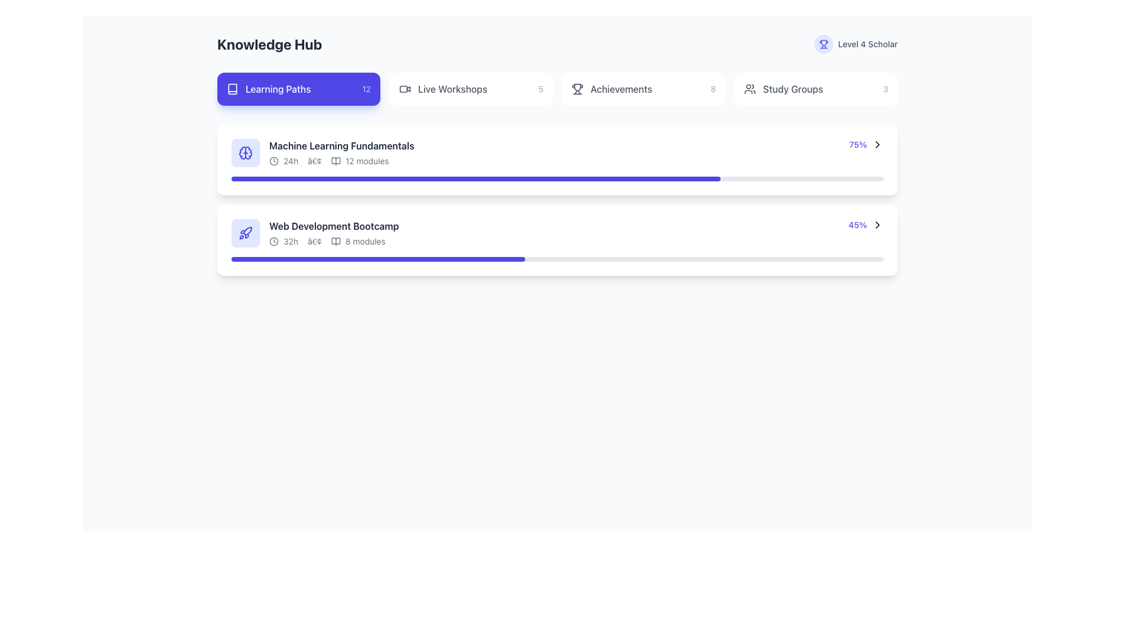  What do you see at coordinates (315, 233) in the screenshot?
I see `to select or open the details about the course overview, which is the second item in a vertical list of course modules located below 'Machine Learning Fundamentals'` at bounding box center [315, 233].